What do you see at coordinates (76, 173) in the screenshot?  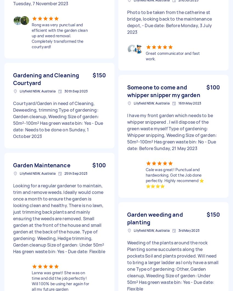 I see `'25th Sep 2023'` at bounding box center [76, 173].